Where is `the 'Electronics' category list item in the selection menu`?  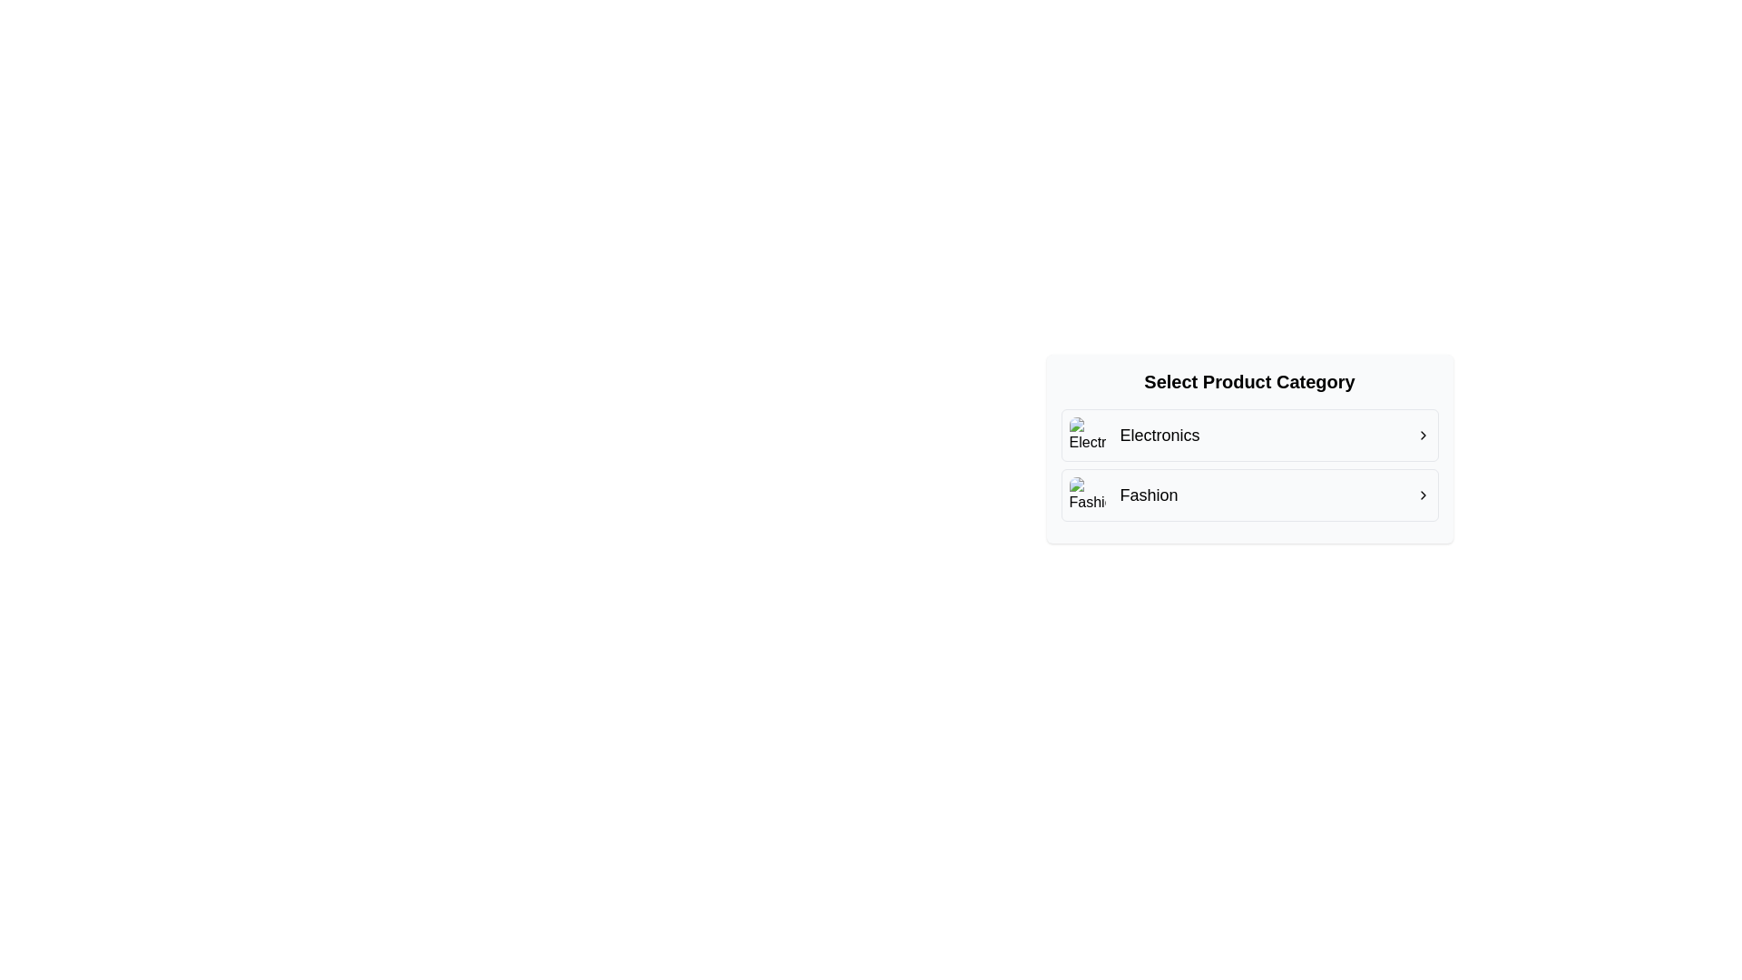
the 'Electronics' category list item in the selection menu is located at coordinates (1248, 435).